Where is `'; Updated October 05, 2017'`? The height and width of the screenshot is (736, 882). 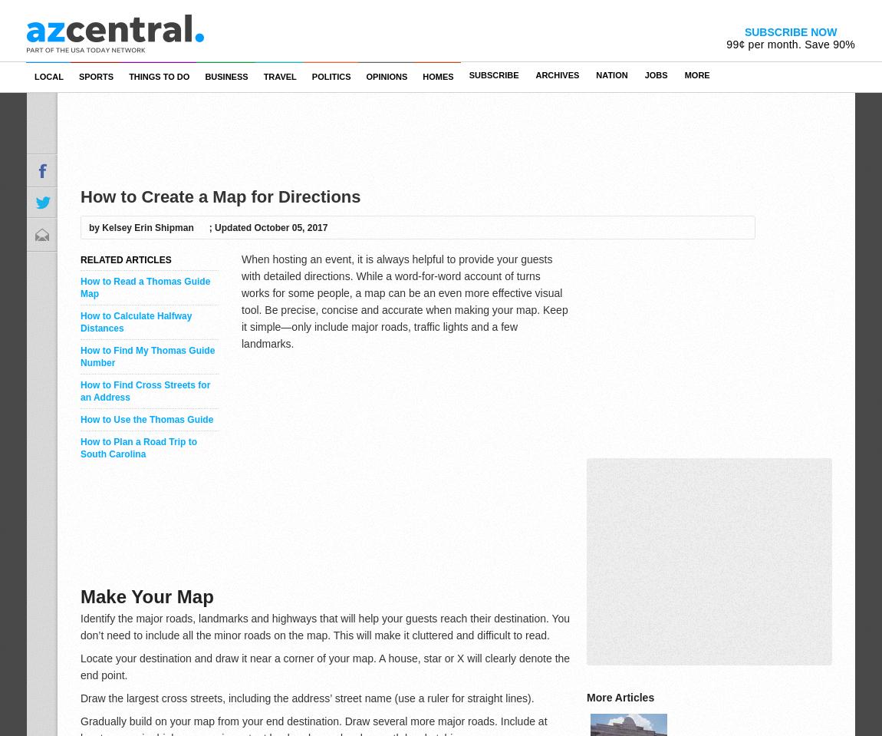
'; Updated October 05, 2017' is located at coordinates (268, 227).